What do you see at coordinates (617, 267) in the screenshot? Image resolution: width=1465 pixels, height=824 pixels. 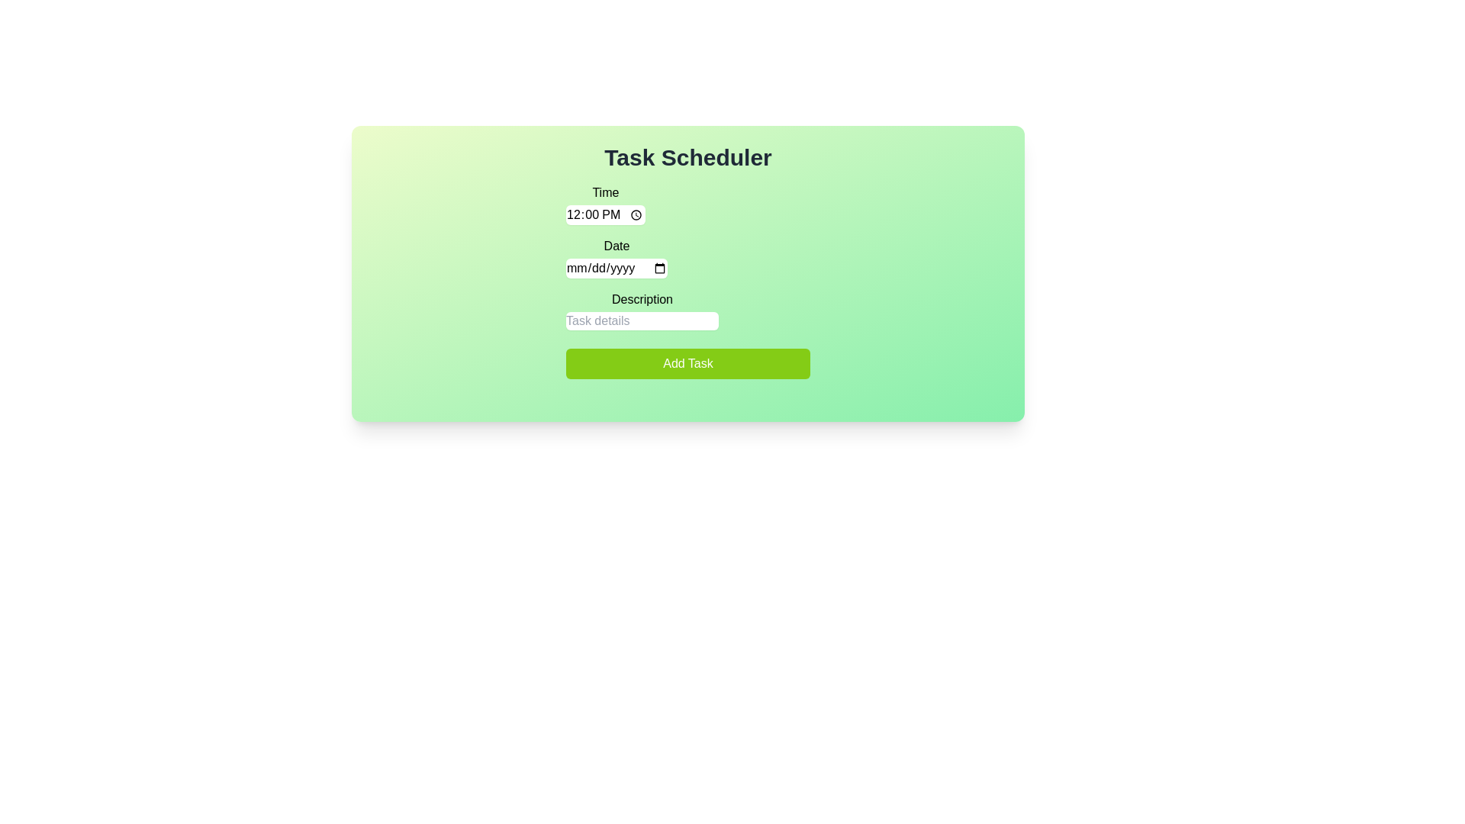 I see `the Date input field located below the 'Date' label in the task-scheduling panel to trigger focus effects` at bounding box center [617, 267].